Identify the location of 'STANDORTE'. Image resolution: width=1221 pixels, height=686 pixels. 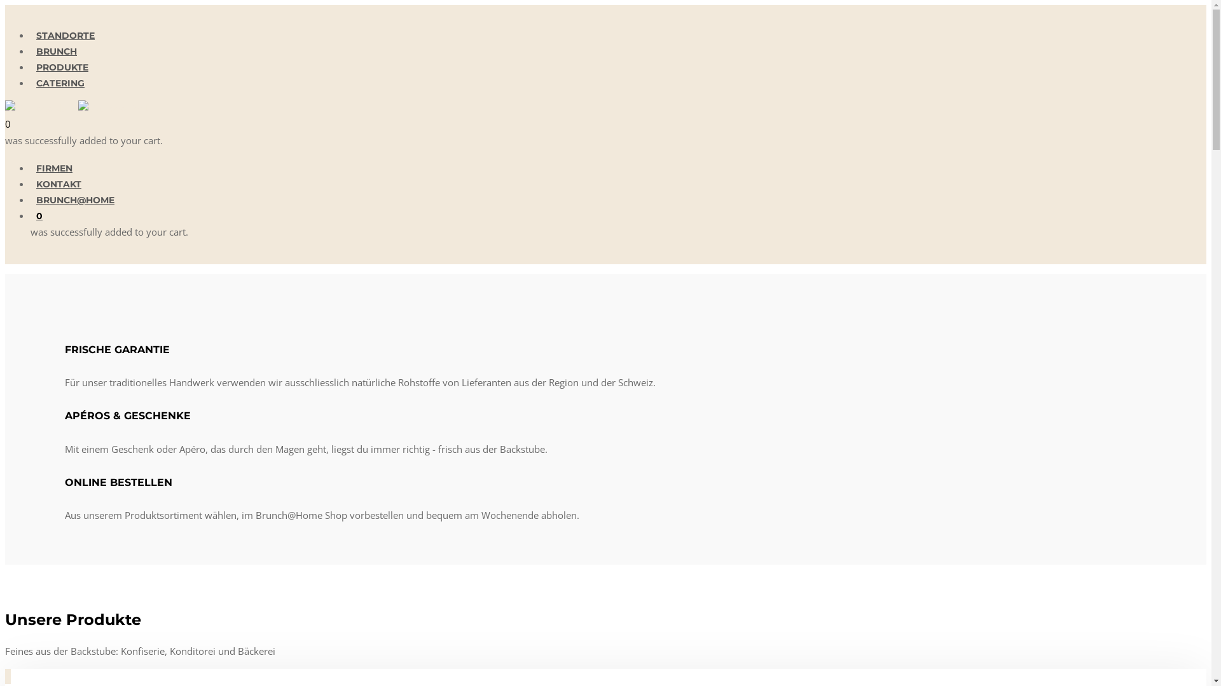
(31, 35).